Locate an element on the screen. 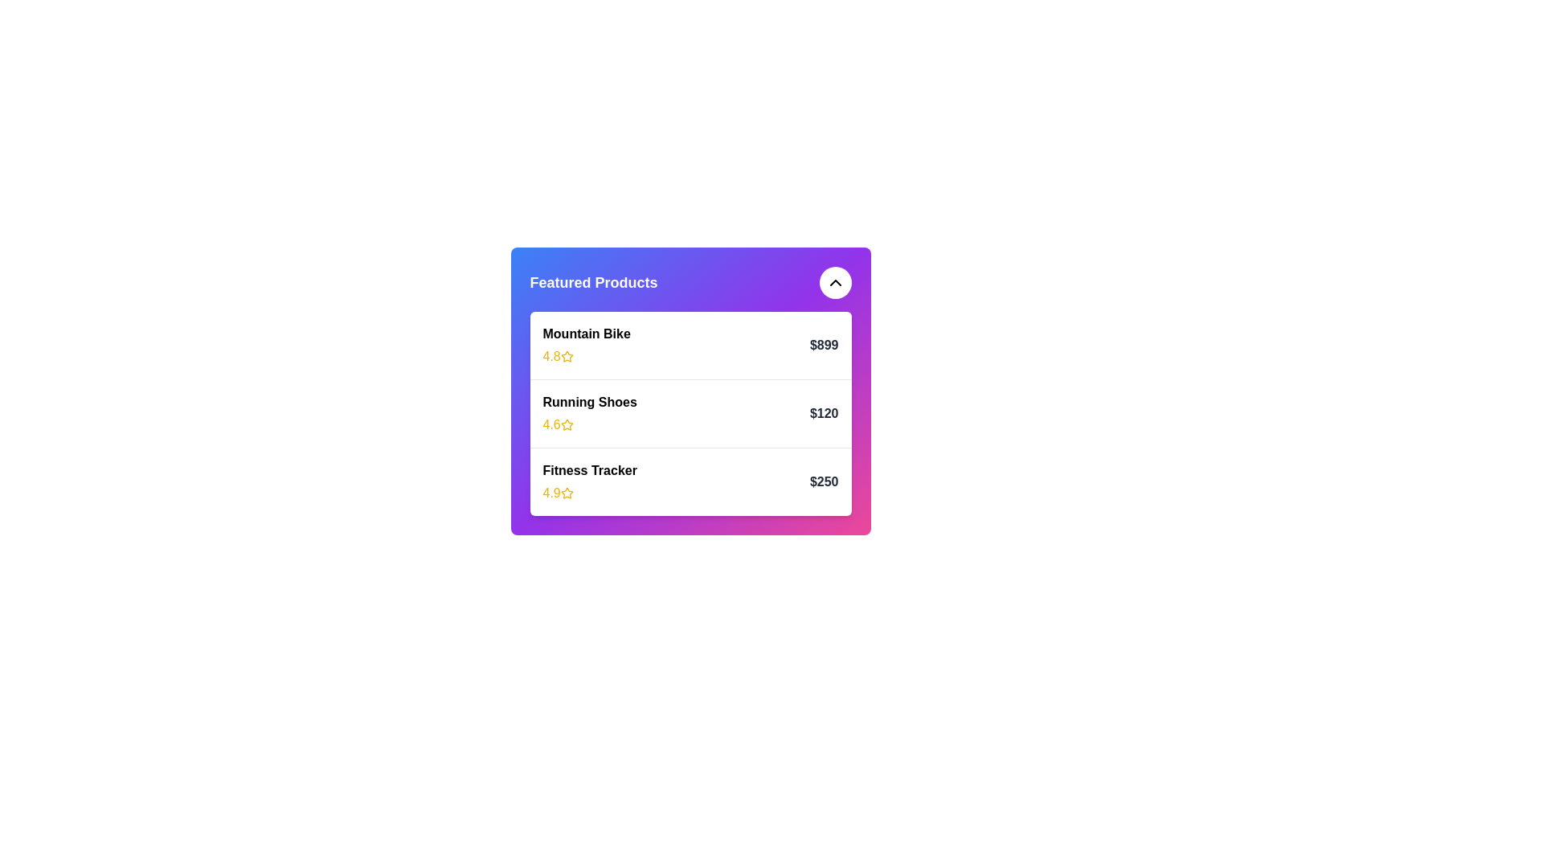 This screenshot has height=868, width=1543. the third product item in the vertically stacked list that displays its name, rating, and price is located at coordinates (690, 481).